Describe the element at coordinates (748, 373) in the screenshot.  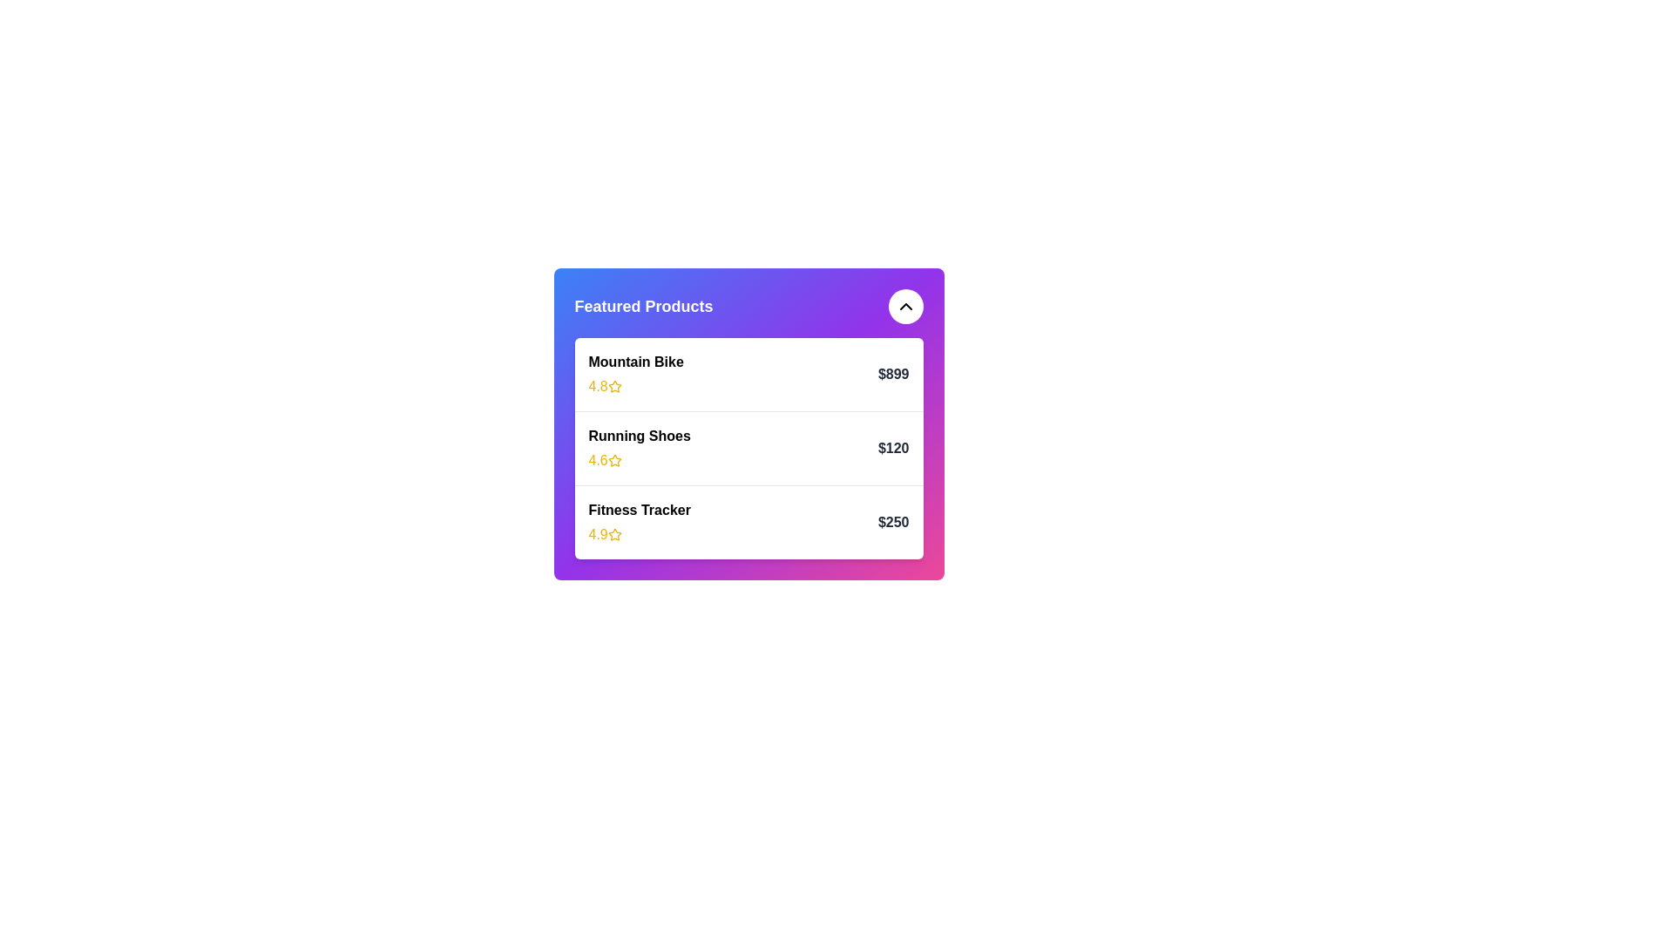
I see `the first product list item` at that location.